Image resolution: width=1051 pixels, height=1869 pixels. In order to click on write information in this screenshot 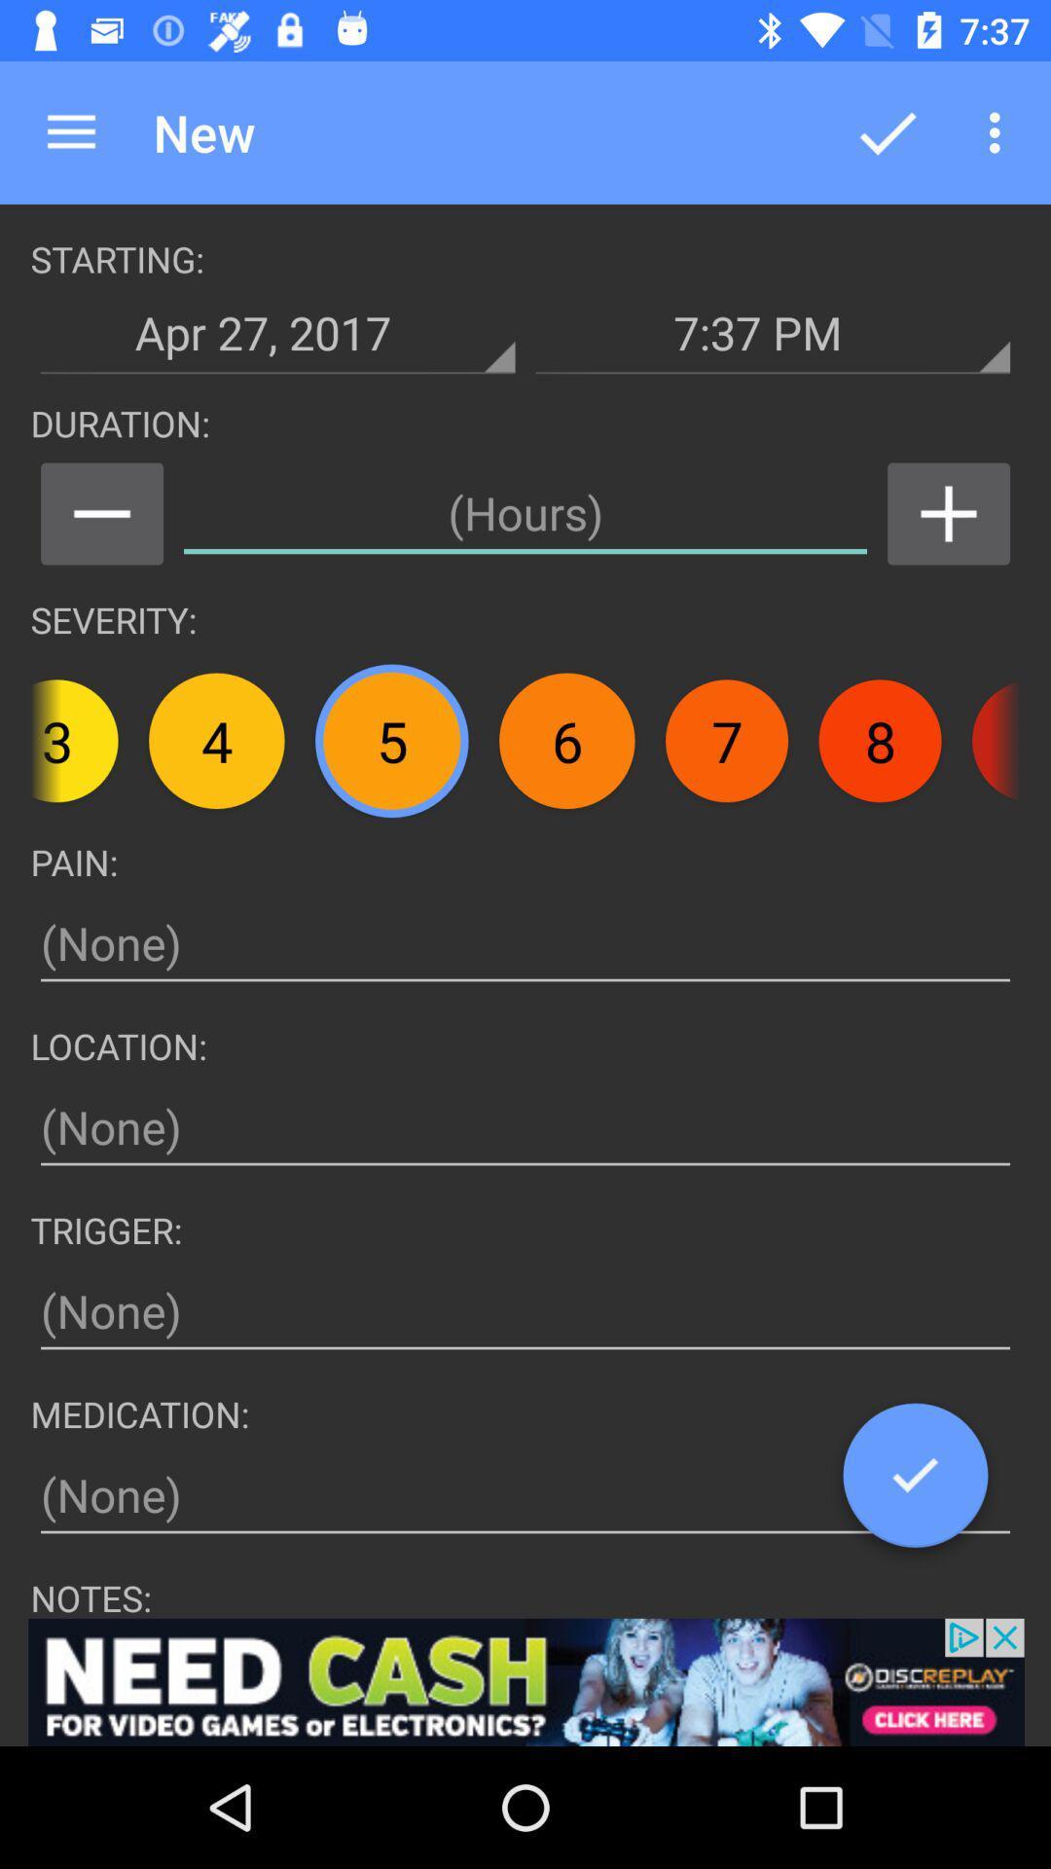, I will do `click(525, 1311)`.